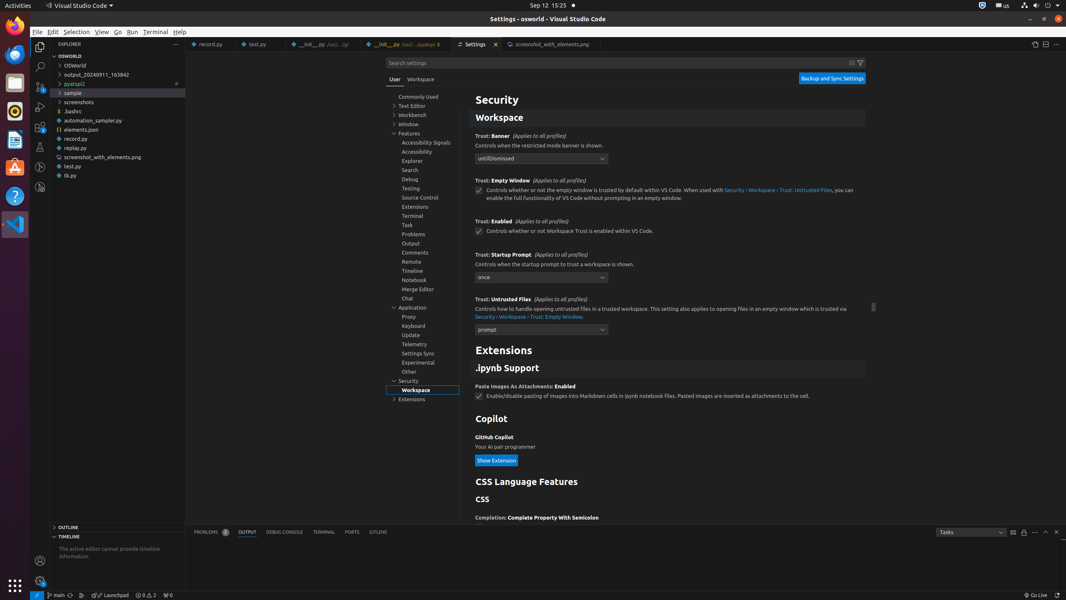  What do you see at coordinates (423, 215) in the screenshot?
I see `'Terminal, group'` at bounding box center [423, 215].